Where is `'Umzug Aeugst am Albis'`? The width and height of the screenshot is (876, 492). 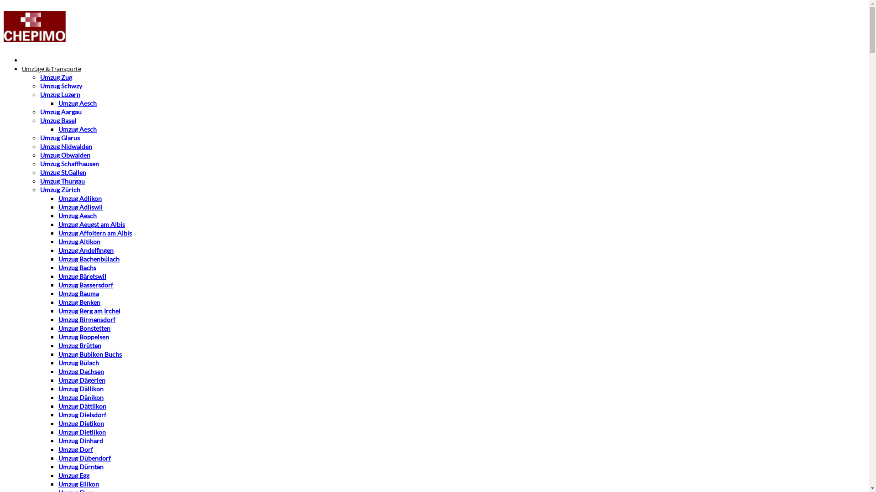 'Umzug Aeugst am Albis' is located at coordinates (92, 224).